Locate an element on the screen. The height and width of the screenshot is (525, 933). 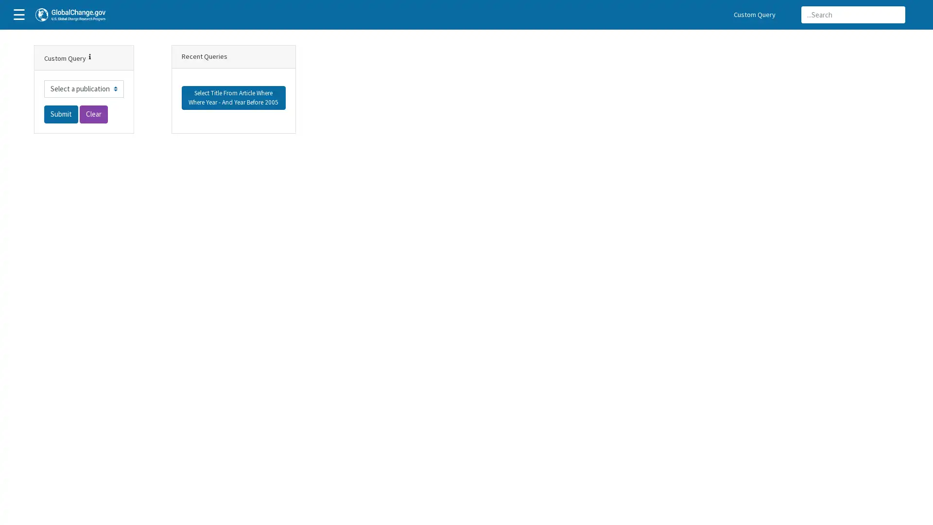
Submit is located at coordinates (60, 114).